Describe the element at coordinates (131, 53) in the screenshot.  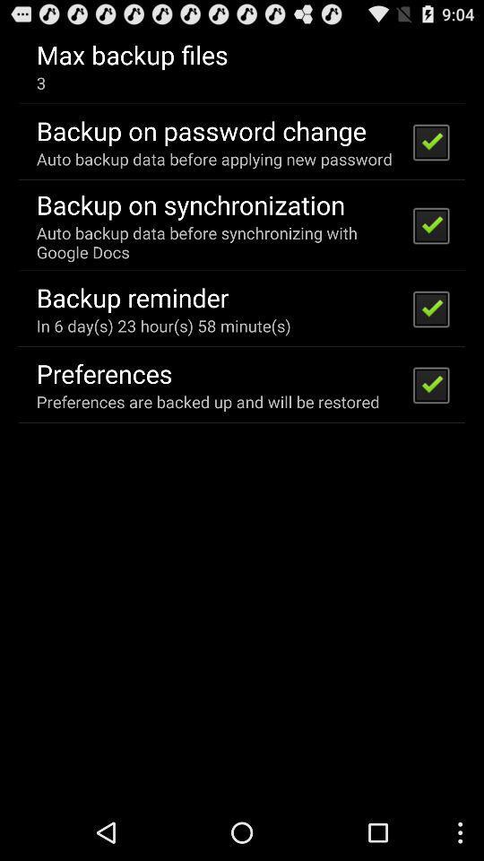
I see `the icon above the 3` at that location.